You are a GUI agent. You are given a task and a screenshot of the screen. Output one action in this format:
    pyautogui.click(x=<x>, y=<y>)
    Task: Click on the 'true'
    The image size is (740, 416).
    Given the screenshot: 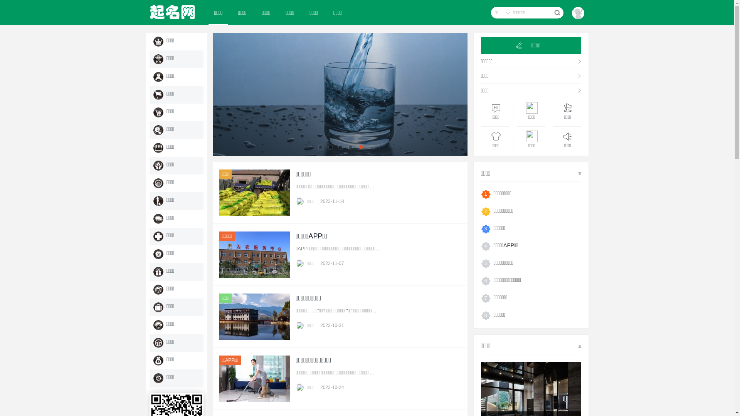 What is the action you would take?
    pyautogui.click(x=553, y=13)
    